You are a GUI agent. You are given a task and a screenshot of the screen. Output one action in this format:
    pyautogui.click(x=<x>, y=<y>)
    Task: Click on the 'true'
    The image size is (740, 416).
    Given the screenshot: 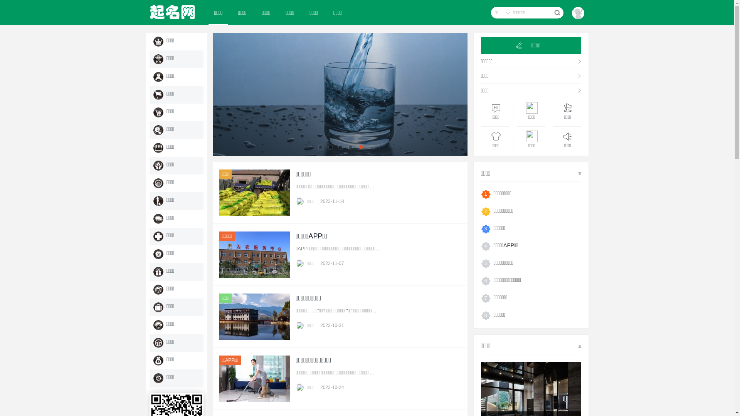 What is the action you would take?
    pyautogui.click(x=553, y=13)
    